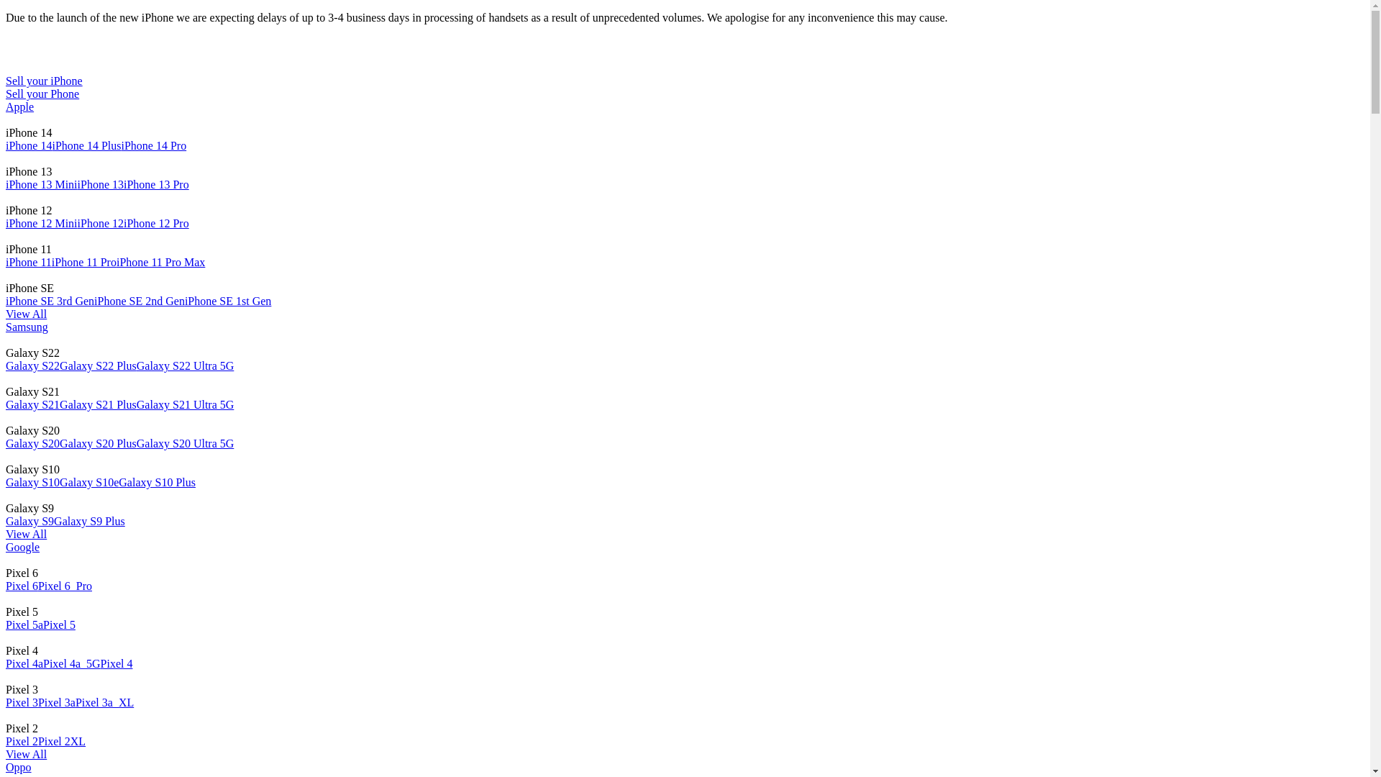 Image resolution: width=1381 pixels, height=777 pixels. What do you see at coordinates (42, 624) in the screenshot?
I see `'Pixel 5'` at bounding box center [42, 624].